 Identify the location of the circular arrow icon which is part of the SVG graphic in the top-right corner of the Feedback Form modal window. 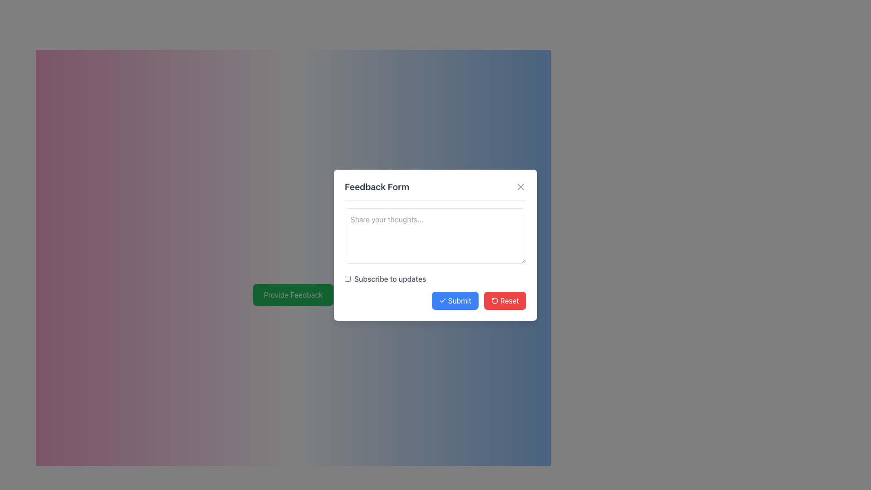
(494, 300).